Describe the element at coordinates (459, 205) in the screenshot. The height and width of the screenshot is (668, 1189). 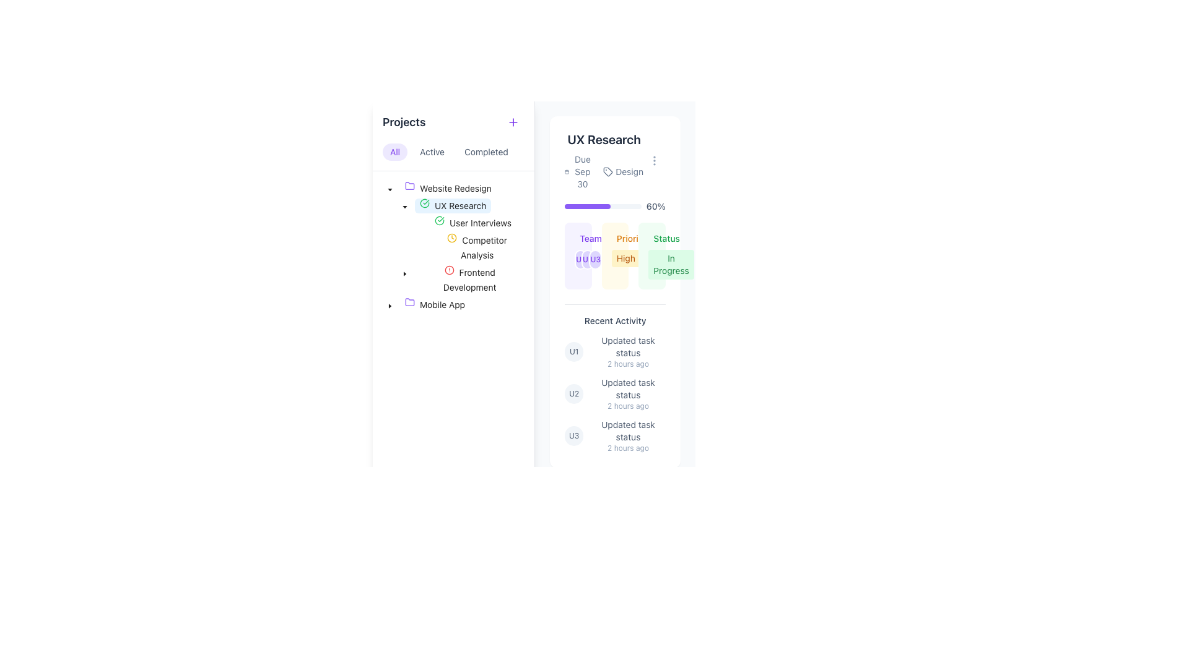
I see `the 'UX Research' text label in the sidebar navigation under 'Website Redesign'` at that location.